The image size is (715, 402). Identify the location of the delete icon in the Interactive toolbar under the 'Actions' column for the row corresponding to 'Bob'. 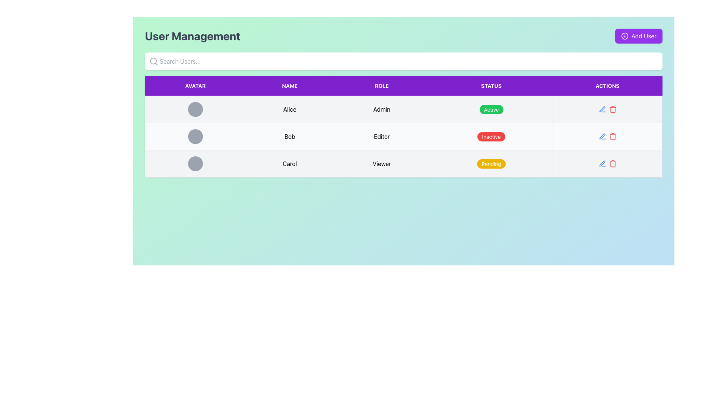
(607, 109).